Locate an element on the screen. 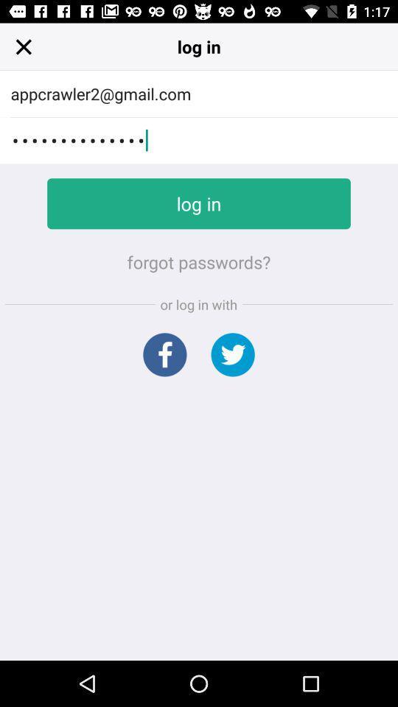 This screenshot has height=707, width=398. login with facebook is located at coordinates (164, 353).